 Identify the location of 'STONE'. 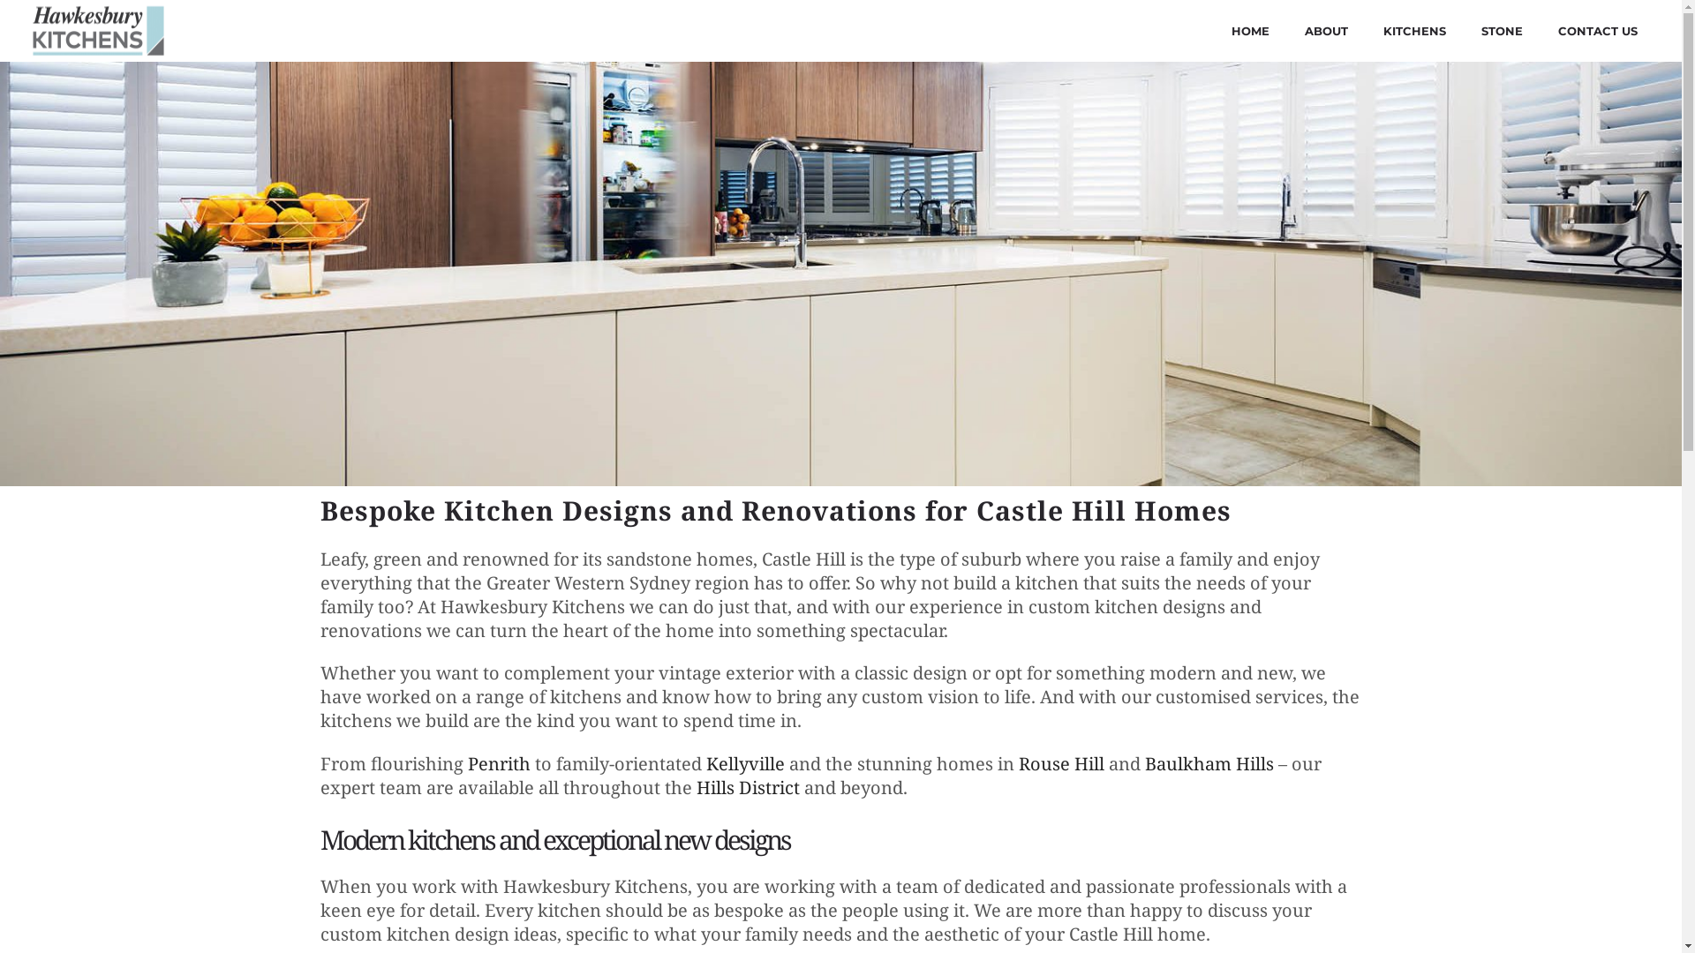
(1501, 30).